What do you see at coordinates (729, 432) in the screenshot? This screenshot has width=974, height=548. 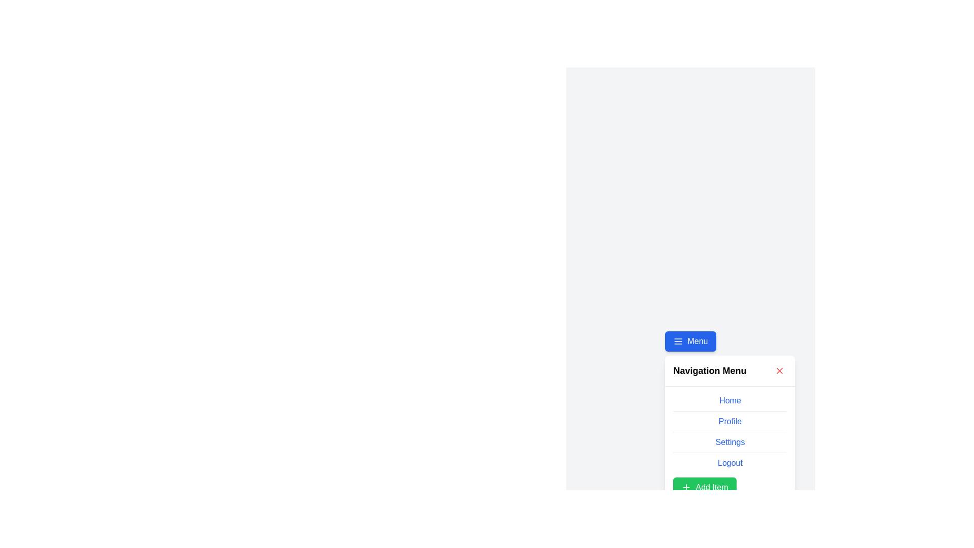 I see `the 'Profile' item in the vertical navigation menu` at bounding box center [729, 432].